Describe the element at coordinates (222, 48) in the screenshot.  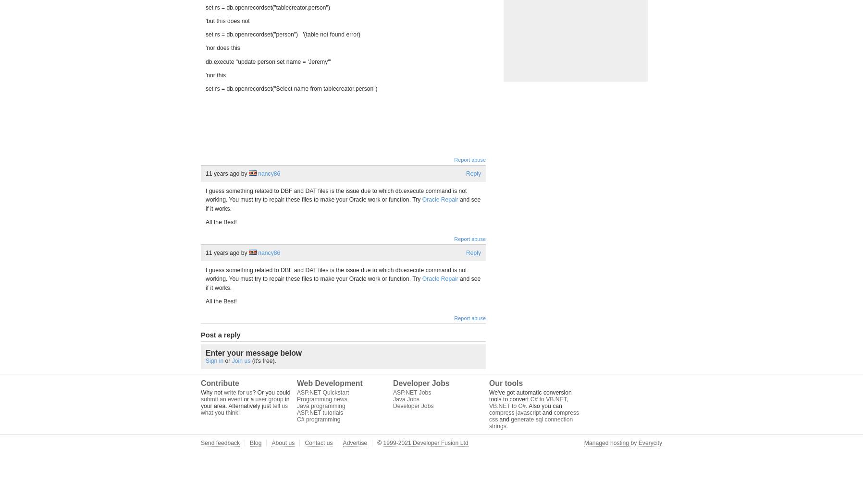
I see `''nor does this'` at that location.